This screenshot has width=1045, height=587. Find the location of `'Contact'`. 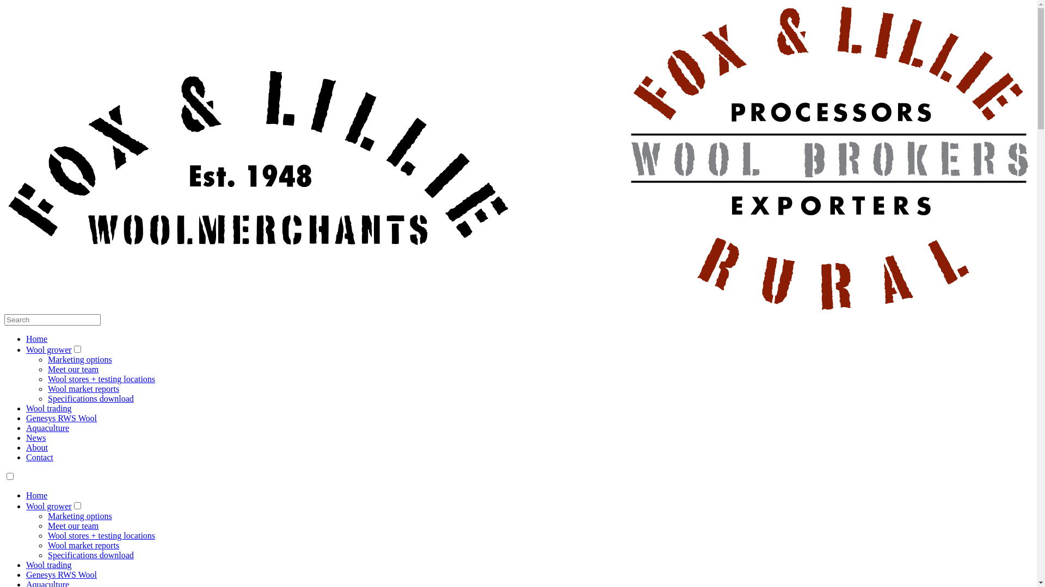

'Contact' is located at coordinates (39, 457).